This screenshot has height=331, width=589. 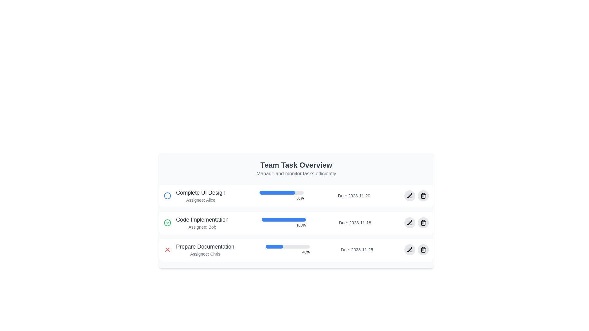 What do you see at coordinates (202, 219) in the screenshot?
I see `the text label that serves as the title for the task 'Code Implementation', located in the second row of the task list, aligned with the task progress bar to its right and a check mark status icon to its left` at bounding box center [202, 219].